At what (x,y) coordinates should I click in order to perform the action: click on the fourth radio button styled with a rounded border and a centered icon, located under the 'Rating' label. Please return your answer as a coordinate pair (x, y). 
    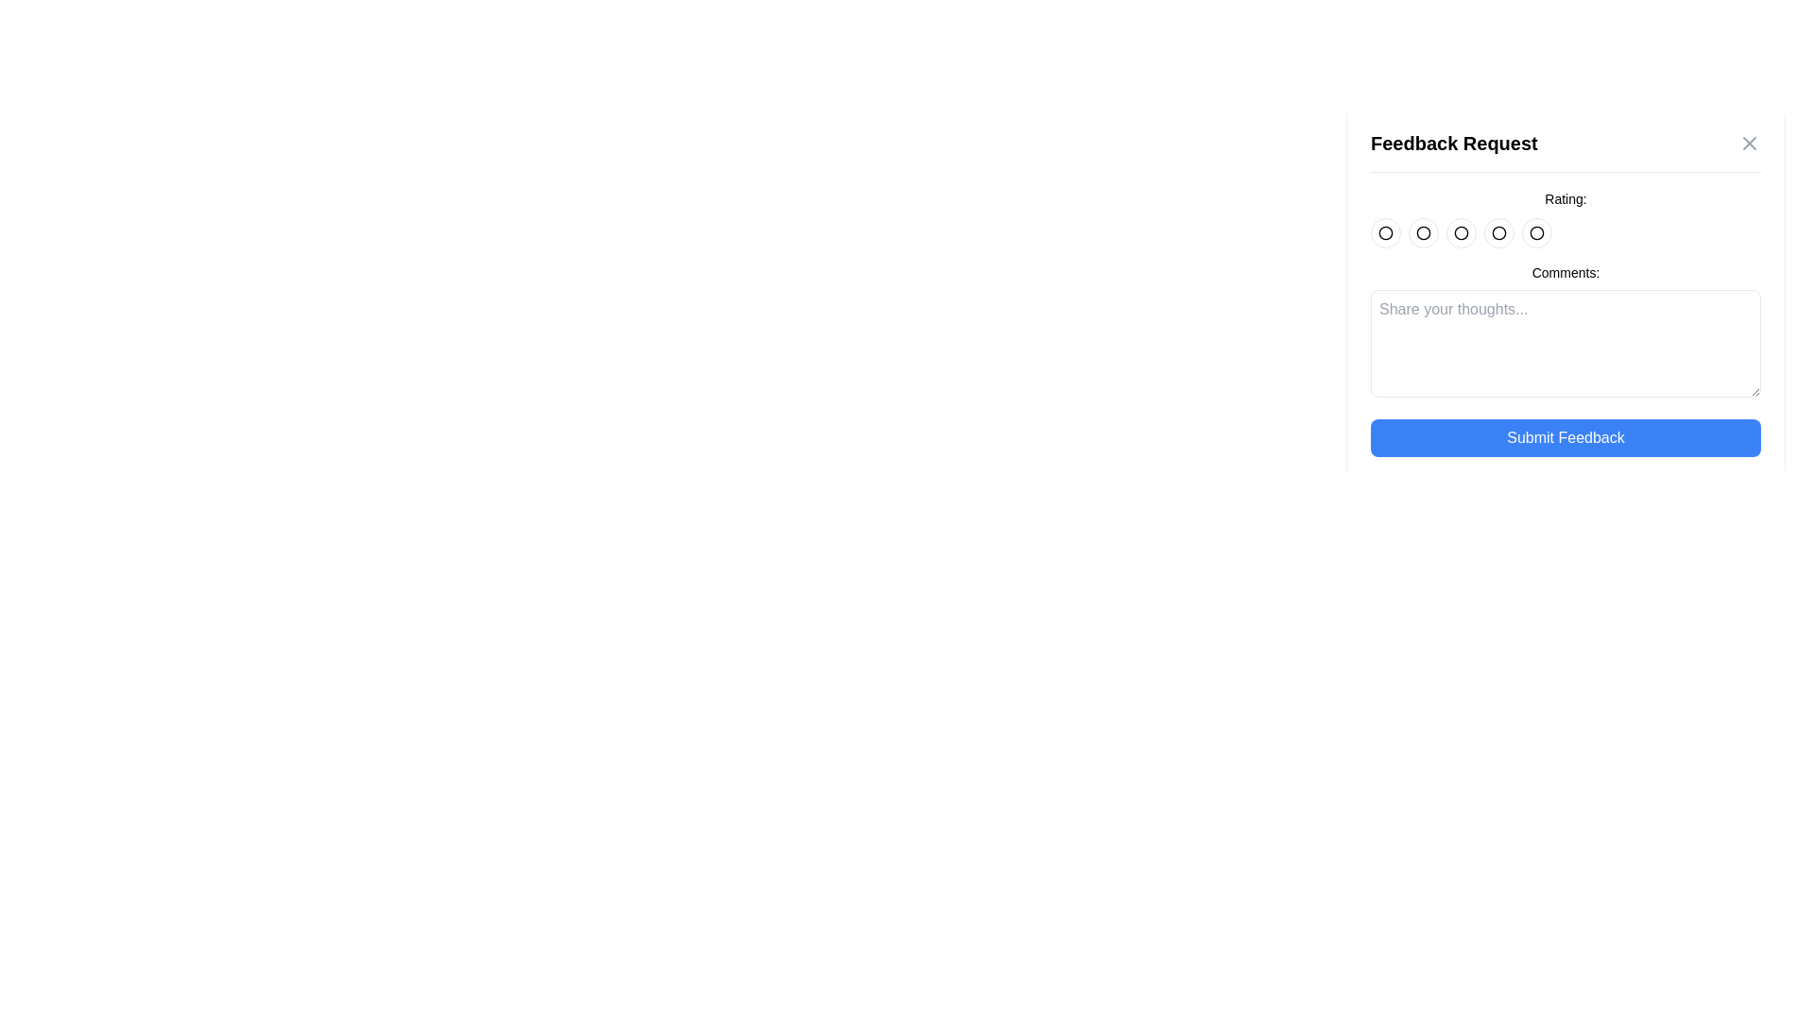
    Looking at the image, I should click on (1460, 231).